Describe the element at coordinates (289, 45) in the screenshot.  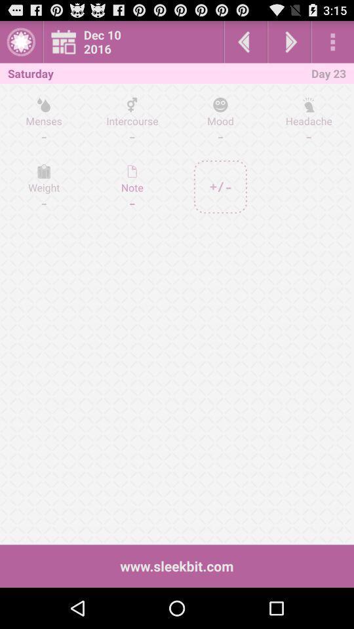
I see `the arrow_forward icon` at that location.